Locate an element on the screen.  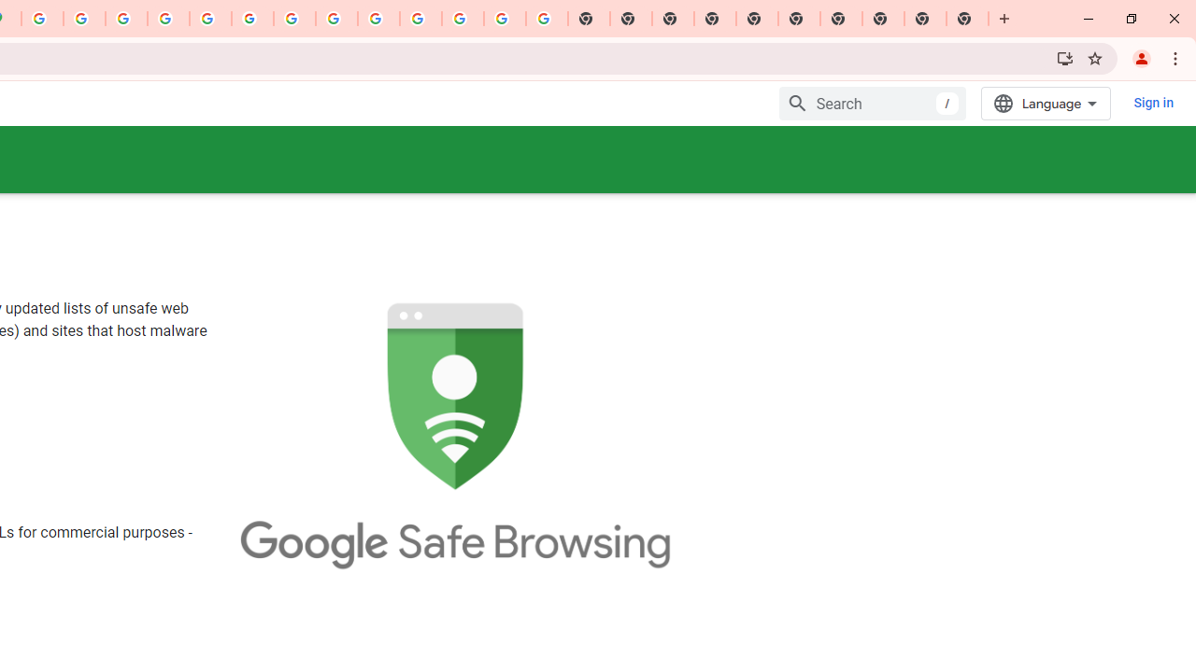
'New Tab' is located at coordinates (967, 19).